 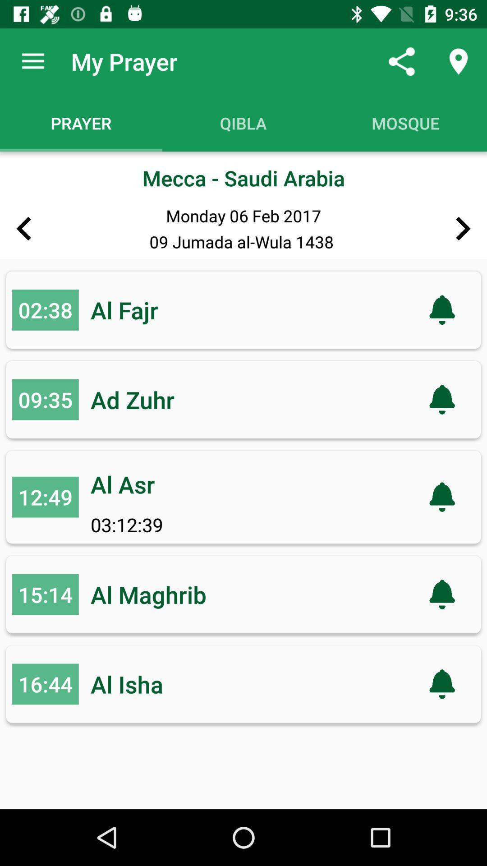 What do you see at coordinates (463, 229) in the screenshot?
I see `the arrow_forward icon` at bounding box center [463, 229].